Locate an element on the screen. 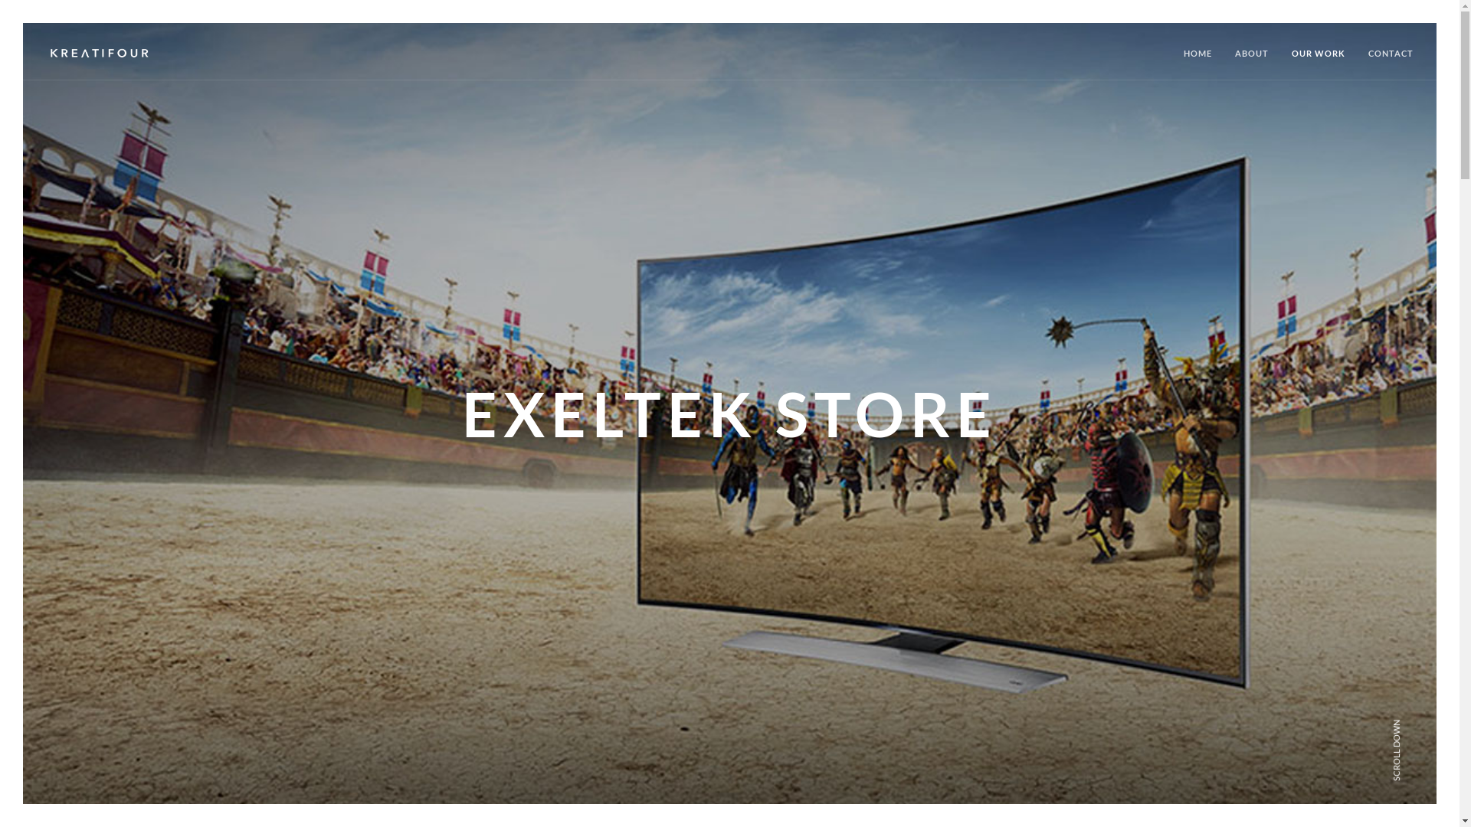 The width and height of the screenshot is (1471, 827). 'HOME' is located at coordinates (1197, 61).